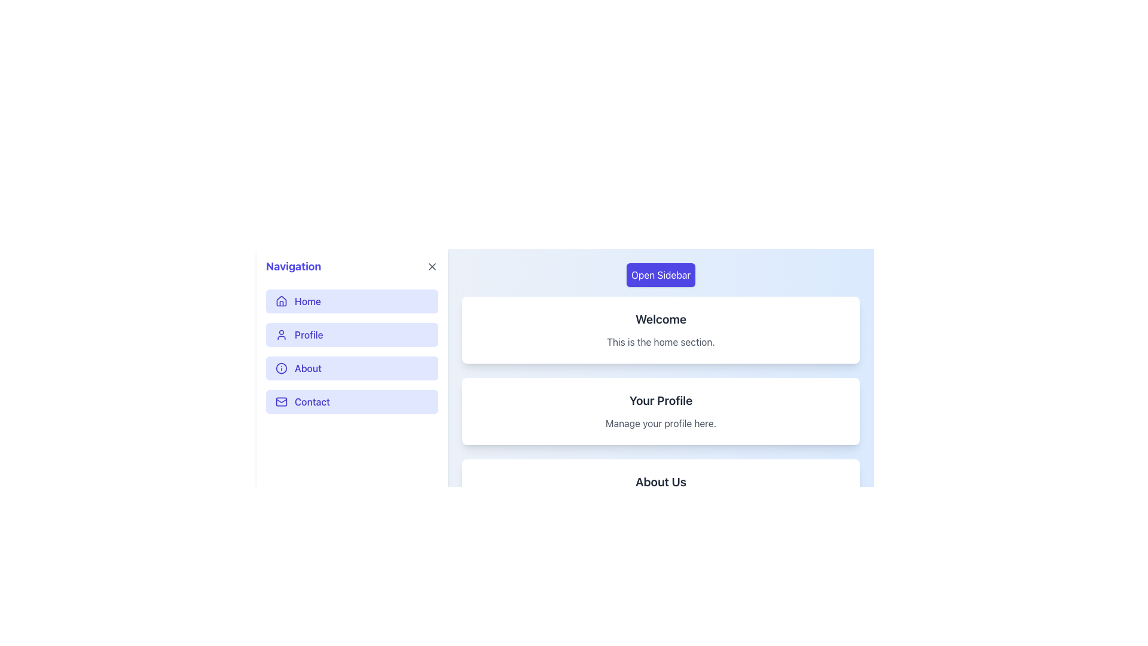 Image resolution: width=1148 pixels, height=646 pixels. Describe the element at coordinates (309, 334) in the screenshot. I see `the 'Profile' text label in the sidebar navigation menu, which is styled in deep blue and positioned between 'Home' and 'About'` at that location.